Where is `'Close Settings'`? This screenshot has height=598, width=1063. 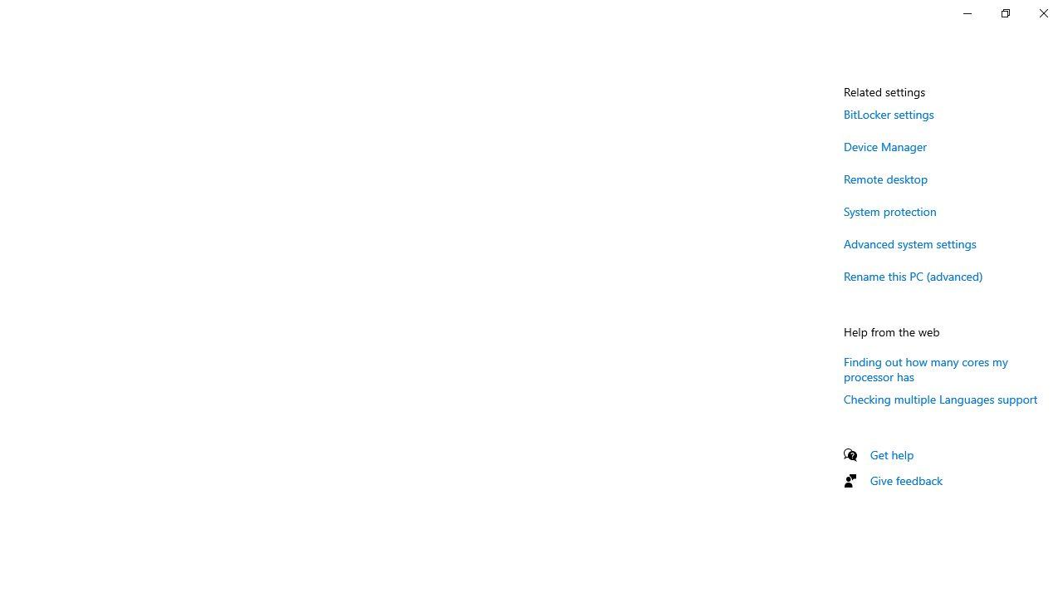
'Close Settings' is located at coordinates (1042, 12).